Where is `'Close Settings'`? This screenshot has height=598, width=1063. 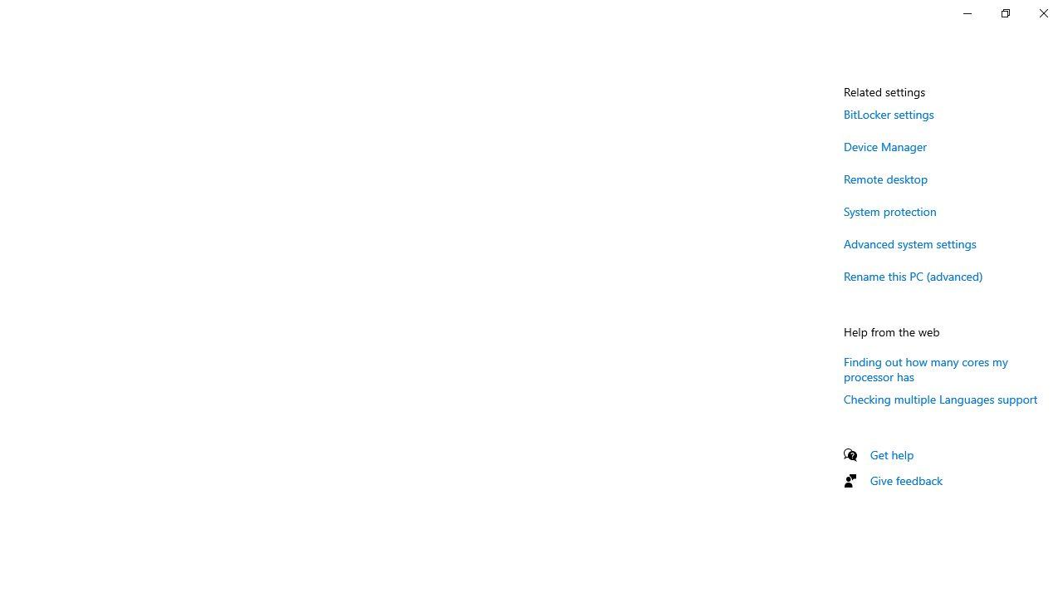
'Close Settings' is located at coordinates (1042, 12).